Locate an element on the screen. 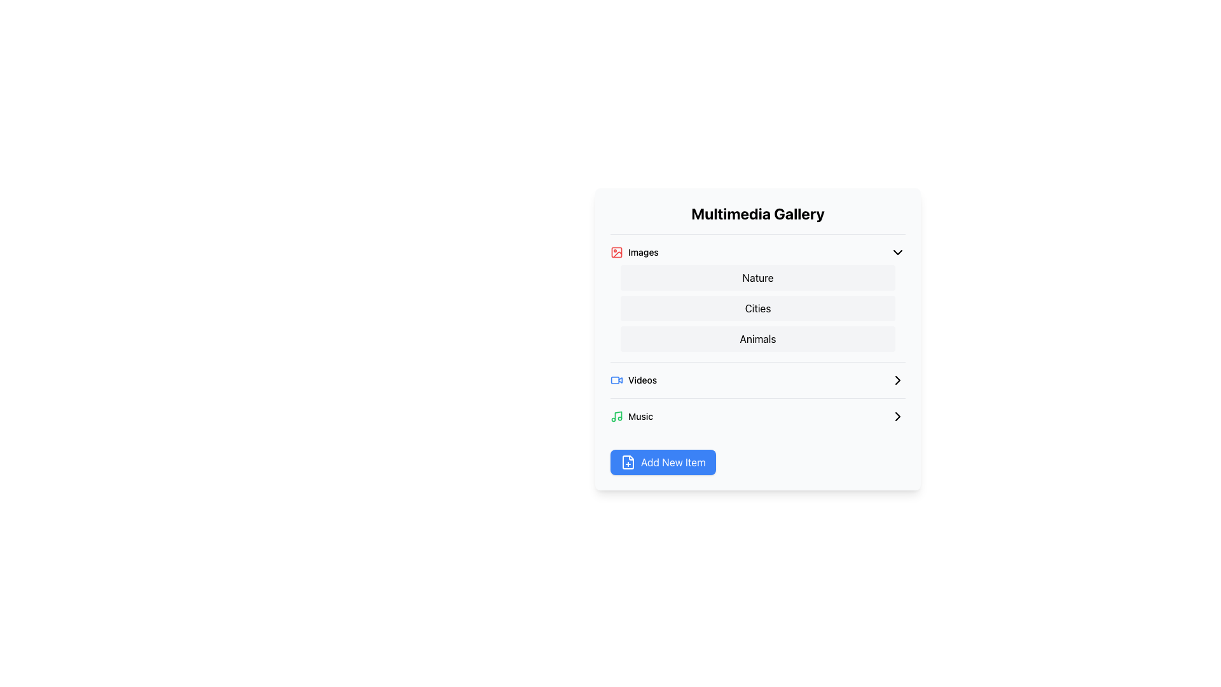 Image resolution: width=1221 pixels, height=687 pixels. the blue video-related icon labeled 'Videos' located in the Multimedia Gallery section, which is the second item in the list is located at coordinates (616, 379).